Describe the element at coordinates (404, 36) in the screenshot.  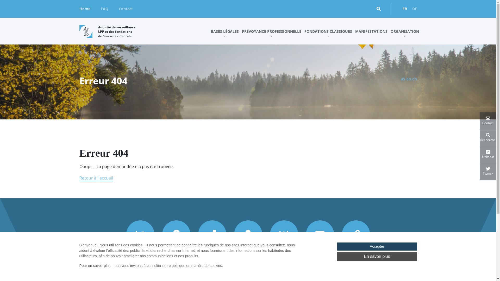
I see `'ORGANISATION'` at that location.